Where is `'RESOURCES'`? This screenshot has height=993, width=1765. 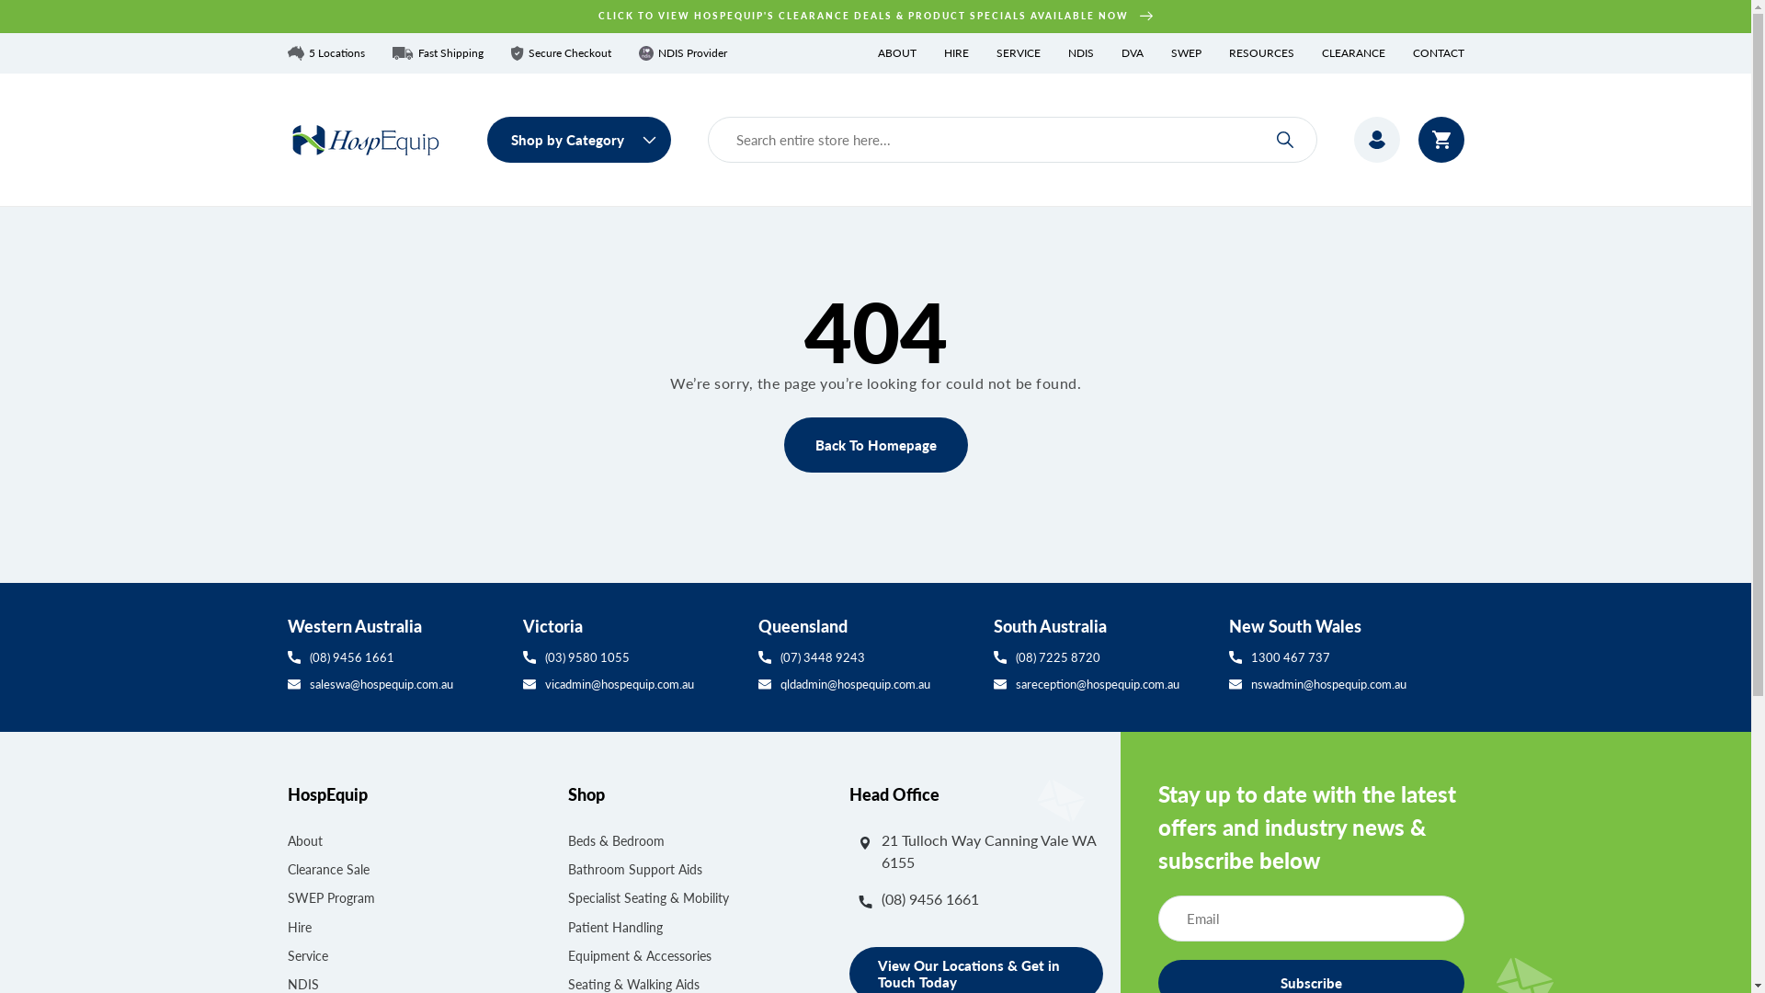
'RESOURCES' is located at coordinates (1259, 51).